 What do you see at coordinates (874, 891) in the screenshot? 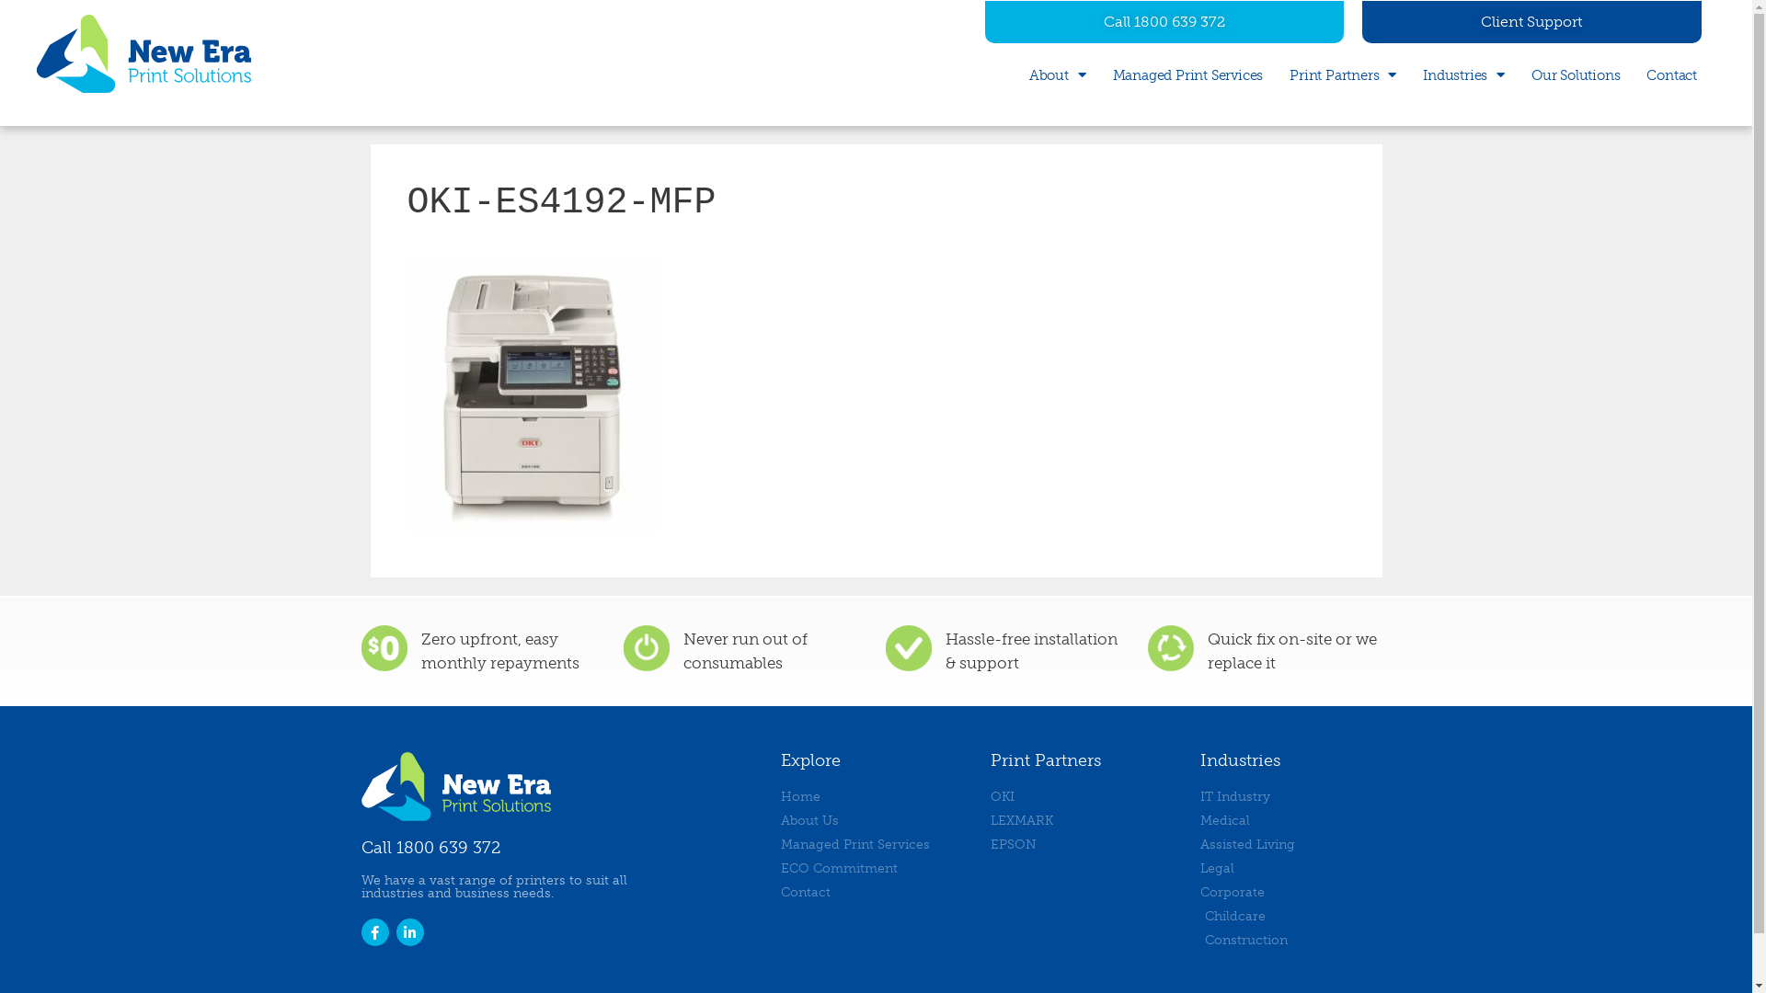
I see `'Contact'` at bounding box center [874, 891].